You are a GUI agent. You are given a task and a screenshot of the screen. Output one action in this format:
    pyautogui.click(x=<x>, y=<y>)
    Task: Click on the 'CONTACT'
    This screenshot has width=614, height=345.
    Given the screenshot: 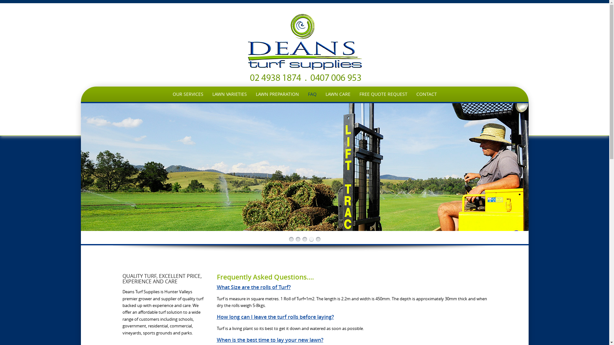 What is the action you would take?
    pyautogui.click(x=427, y=94)
    